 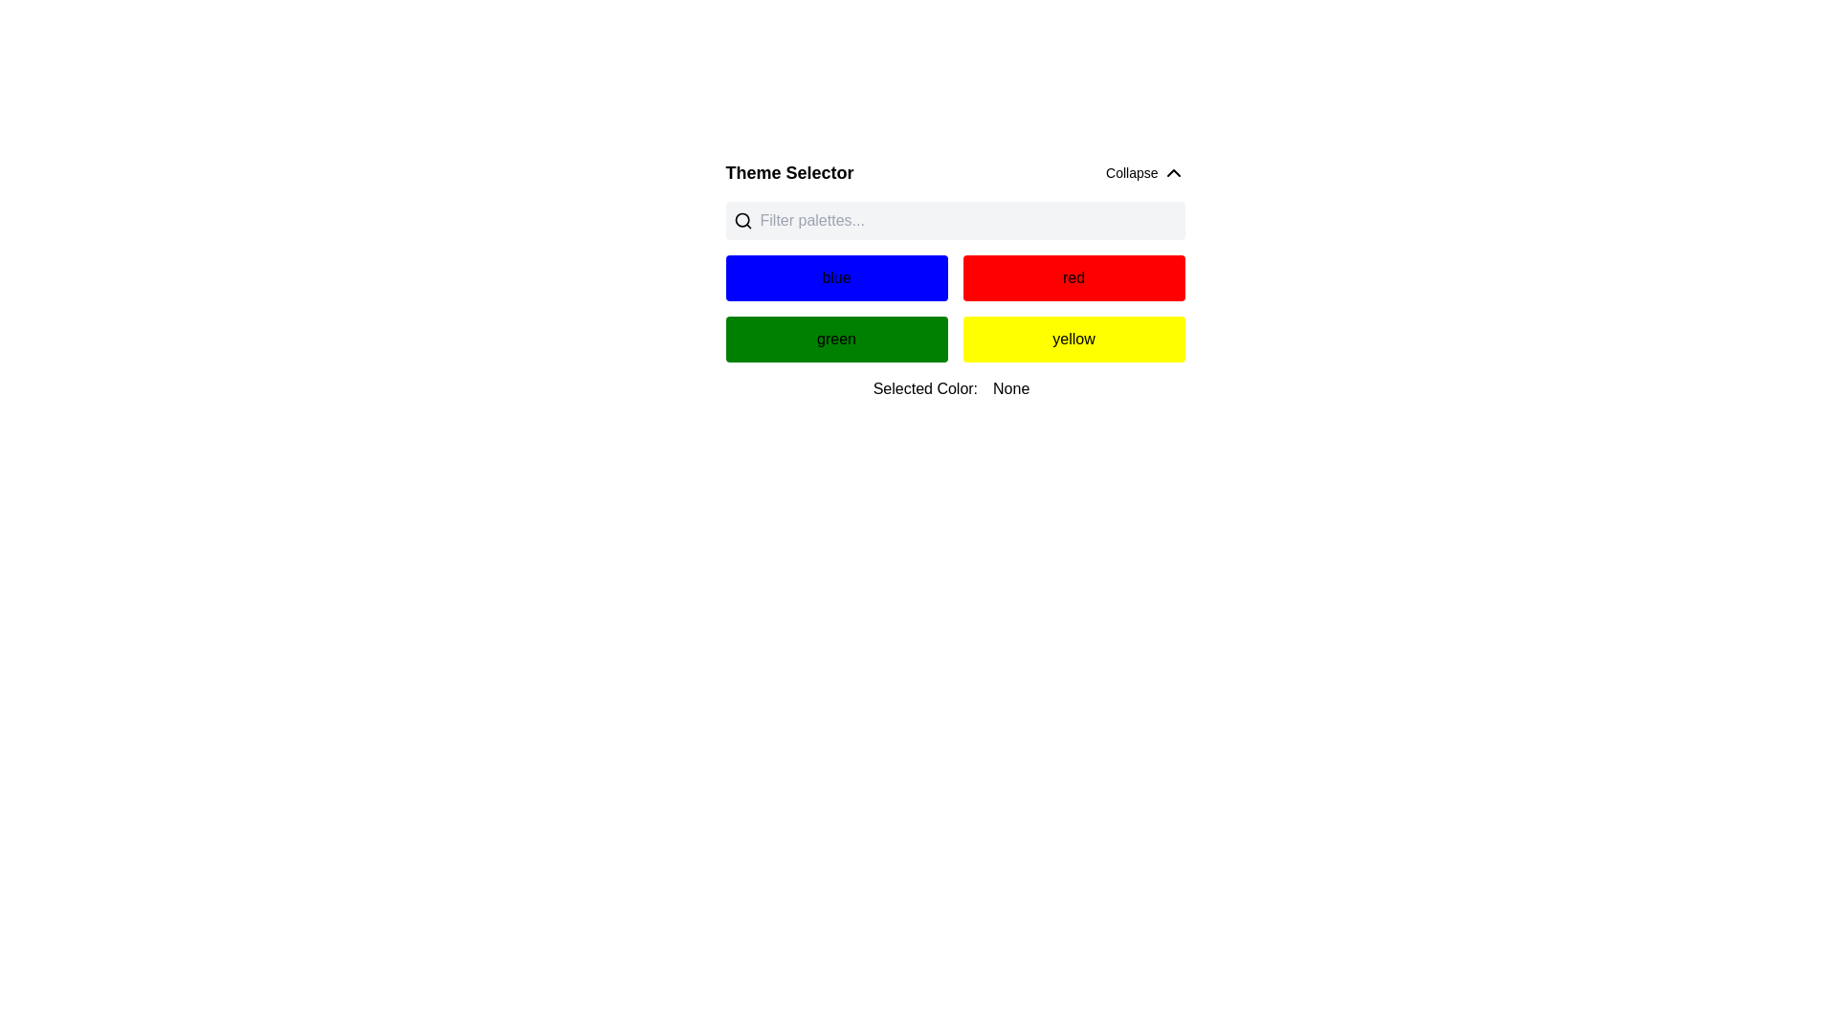 What do you see at coordinates (789, 173) in the screenshot?
I see `the Text Label that serves as a title or heading for selecting themes, located to the left of the 'Collapse' button and above the search bar` at bounding box center [789, 173].